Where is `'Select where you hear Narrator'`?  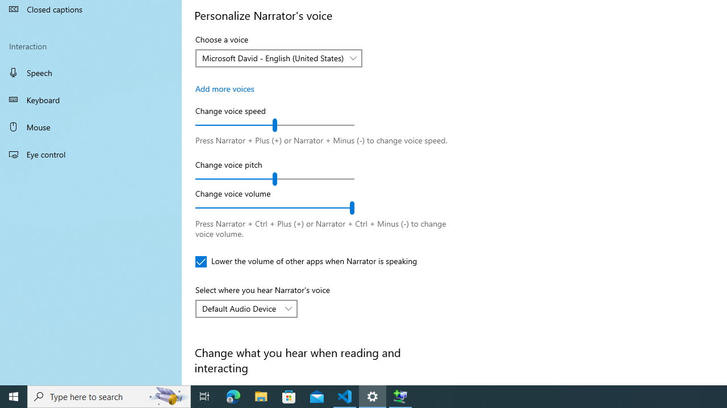
'Select where you hear Narrator' is located at coordinates (245, 309).